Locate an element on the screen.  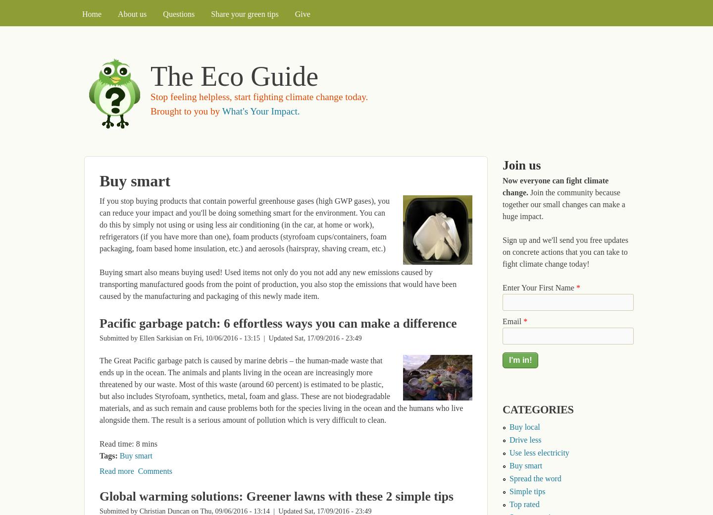
'Read time: 8 mins' is located at coordinates (128, 443).